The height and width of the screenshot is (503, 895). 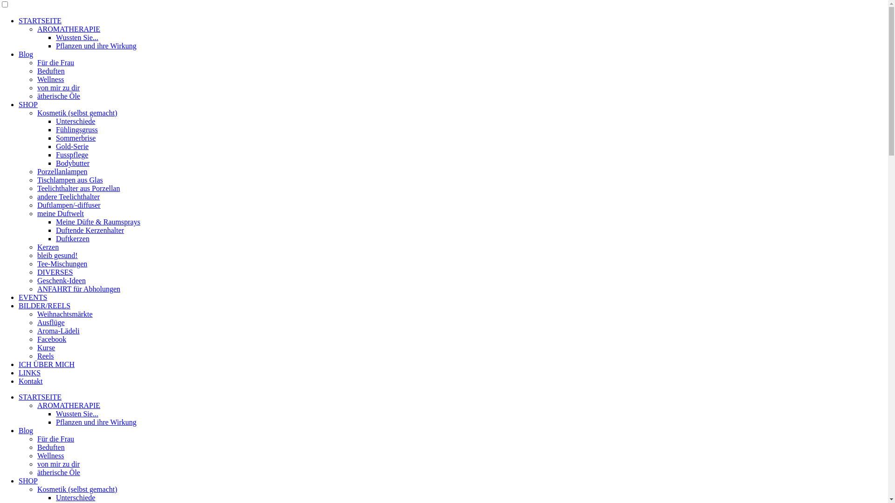 What do you see at coordinates (31, 381) in the screenshot?
I see `'Kontakt'` at bounding box center [31, 381].